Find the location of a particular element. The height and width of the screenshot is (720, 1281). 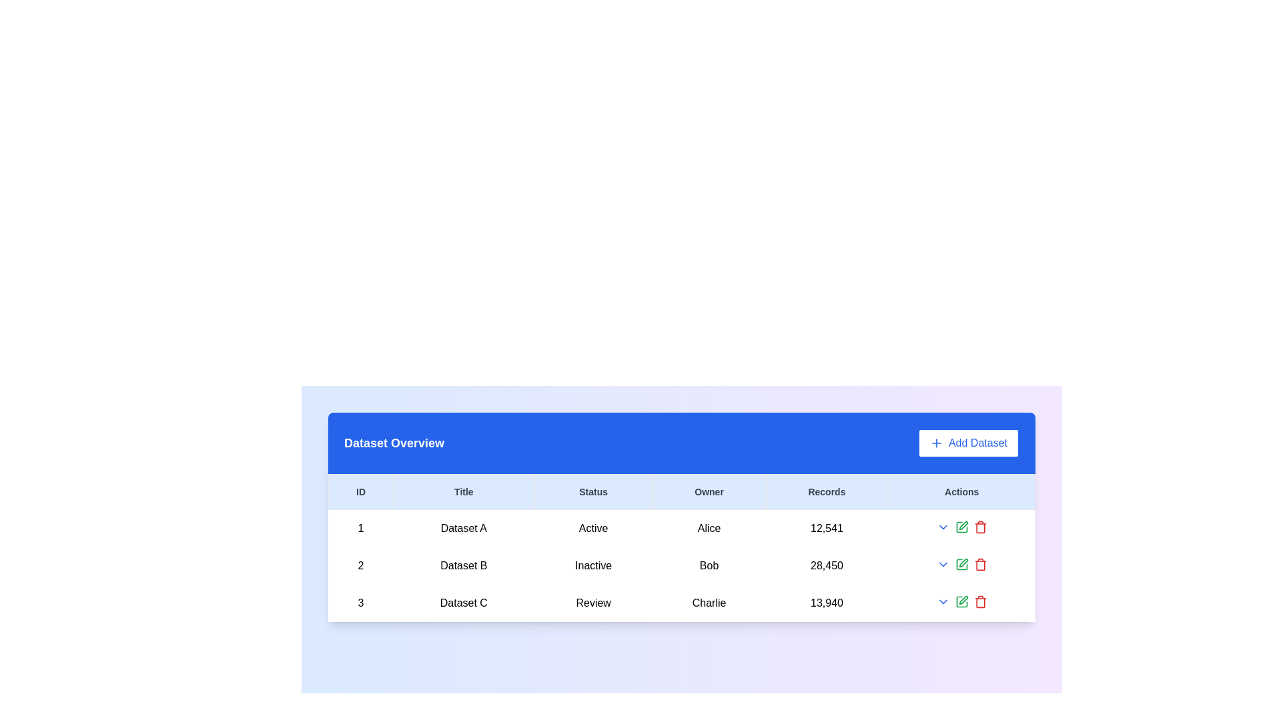

the small, plus-shaped icon with a circular border that is part of the 'Add Dataset' button, located at the top-right of the dataset table area is located at coordinates (935, 443).